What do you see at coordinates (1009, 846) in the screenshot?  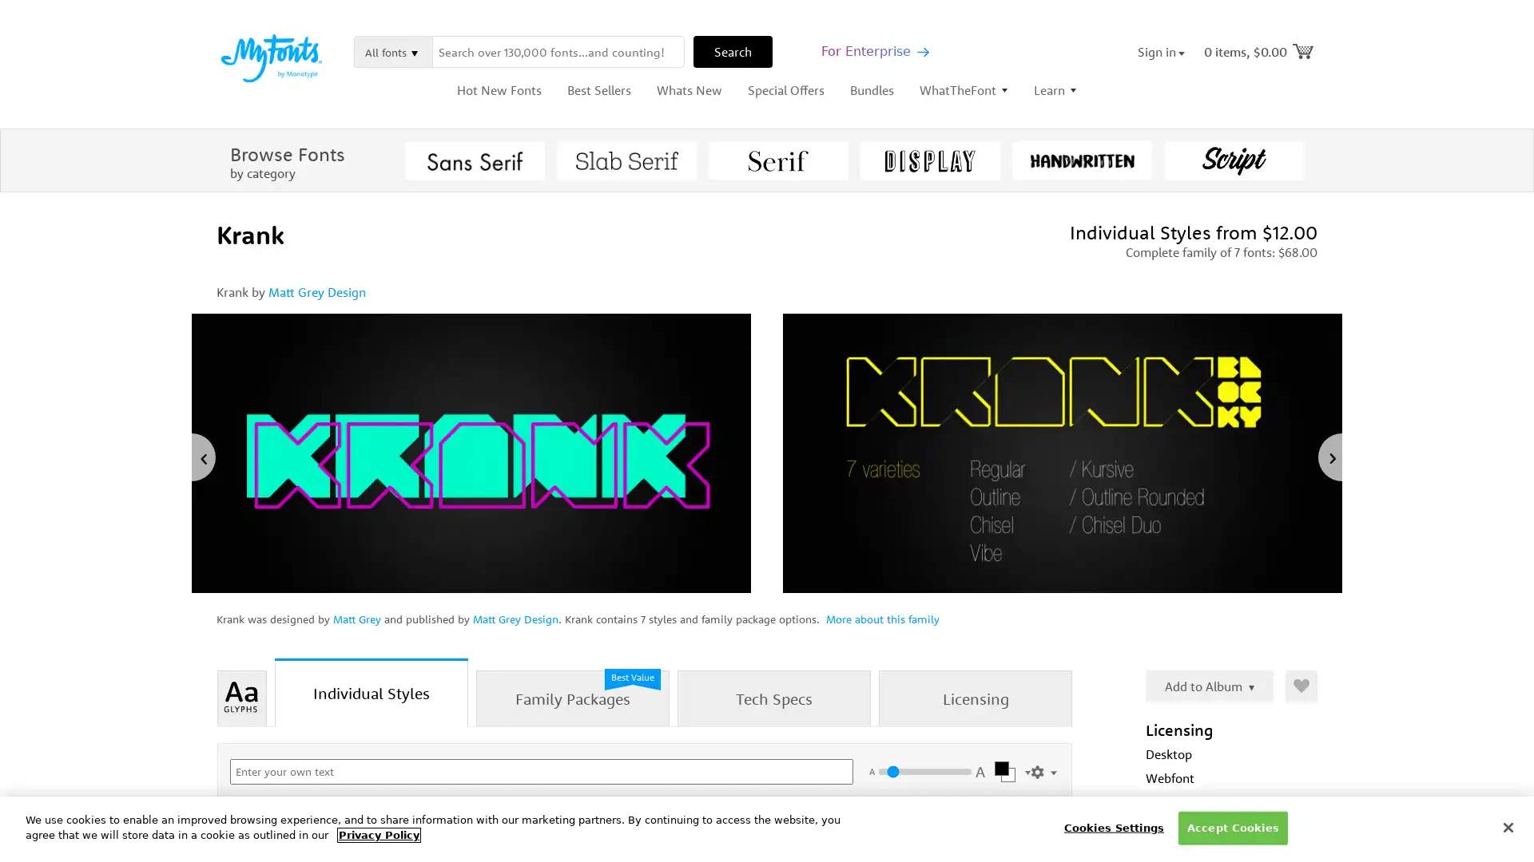 I see `Buying Choices` at bounding box center [1009, 846].